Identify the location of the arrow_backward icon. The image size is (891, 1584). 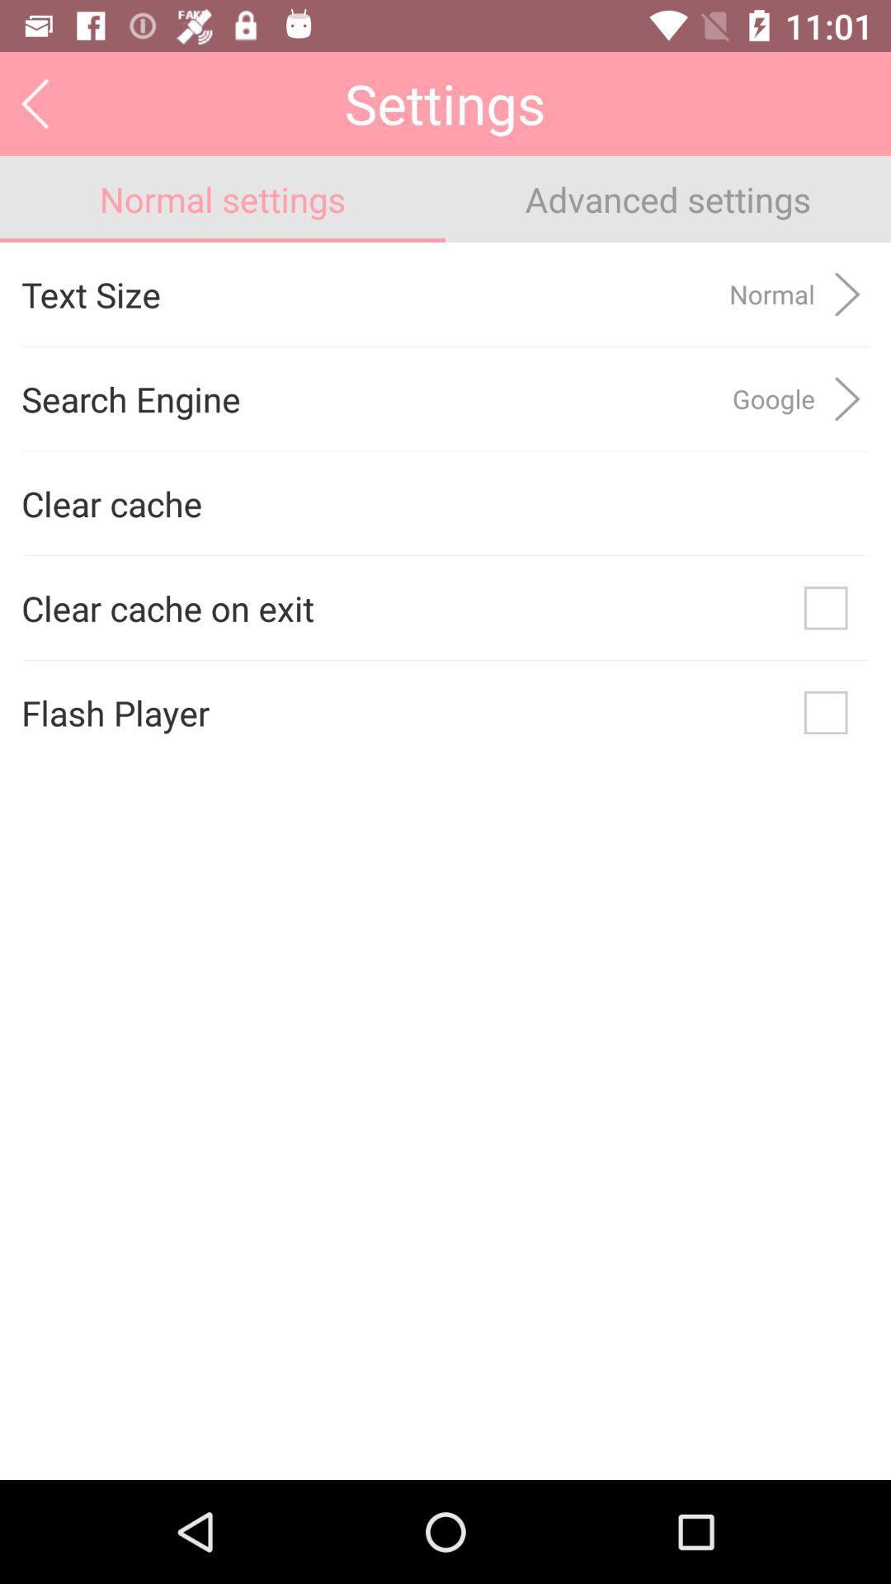
(35, 110).